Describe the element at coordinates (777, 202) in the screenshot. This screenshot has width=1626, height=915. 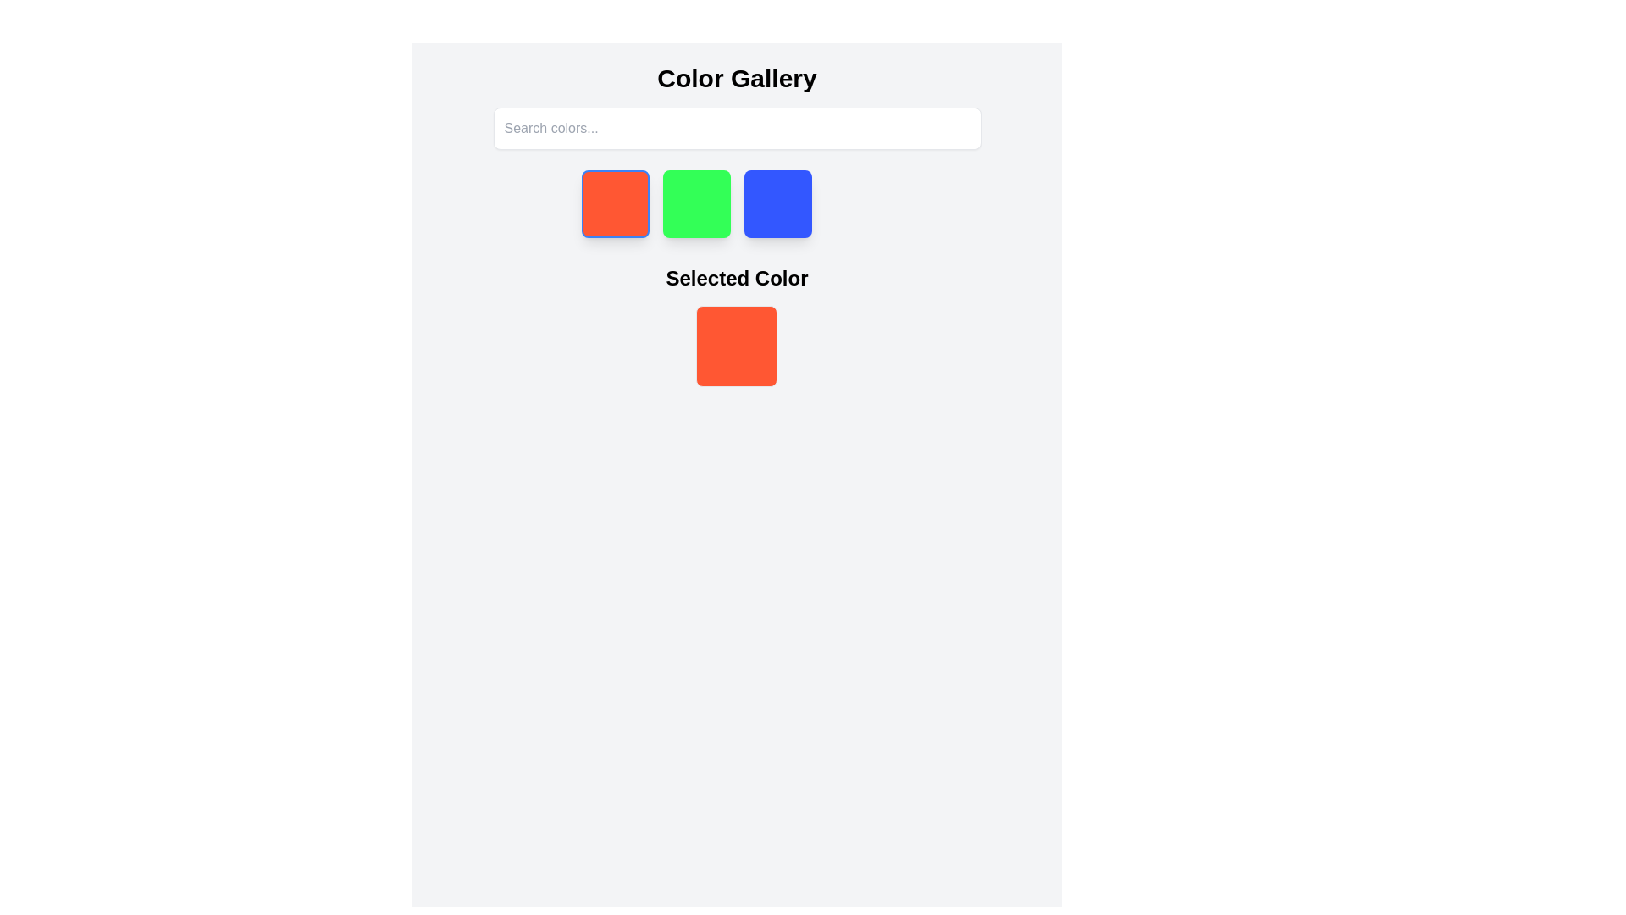
I see `the blue square button with rounded borders located in the top row of the grid layout` at that location.